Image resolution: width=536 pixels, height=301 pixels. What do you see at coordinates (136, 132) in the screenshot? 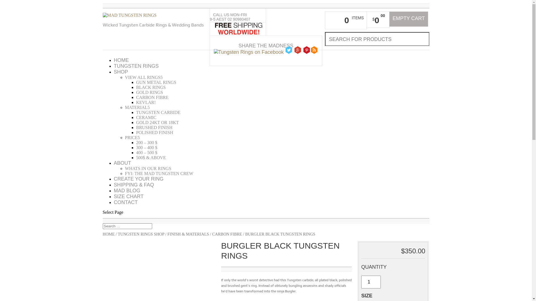
I see `'POLISHED FINISH'` at bounding box center [136, 132].